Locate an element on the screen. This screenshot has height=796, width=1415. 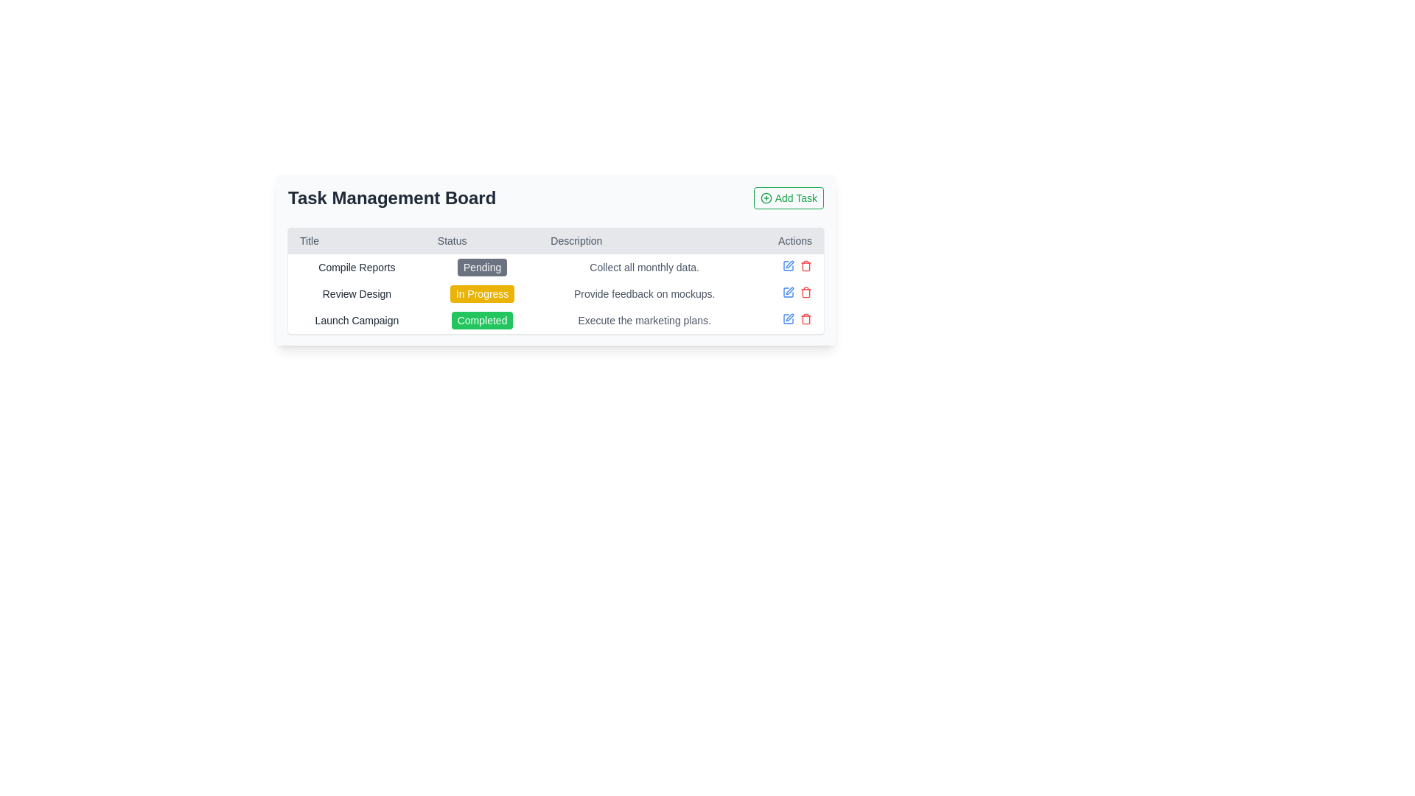
the static text label 'Compile Reports' located in the first row under the 'Title' column of the 'Task Management Board', positioned to the left of 'Pending' under the 'Status' column is located at coordinates (357, 267).